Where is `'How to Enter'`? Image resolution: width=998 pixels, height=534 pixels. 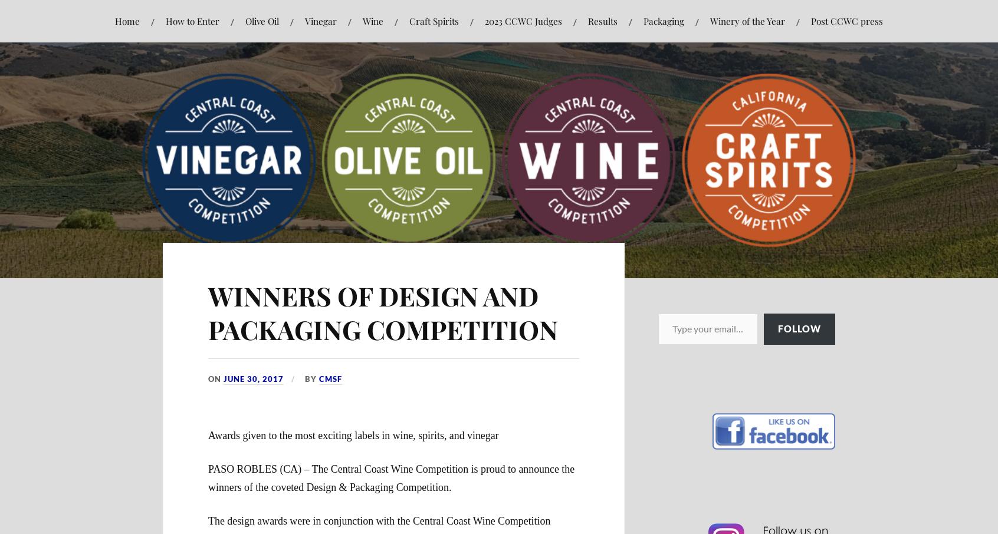 'How to Enter' is located at coordinates (192, 20).